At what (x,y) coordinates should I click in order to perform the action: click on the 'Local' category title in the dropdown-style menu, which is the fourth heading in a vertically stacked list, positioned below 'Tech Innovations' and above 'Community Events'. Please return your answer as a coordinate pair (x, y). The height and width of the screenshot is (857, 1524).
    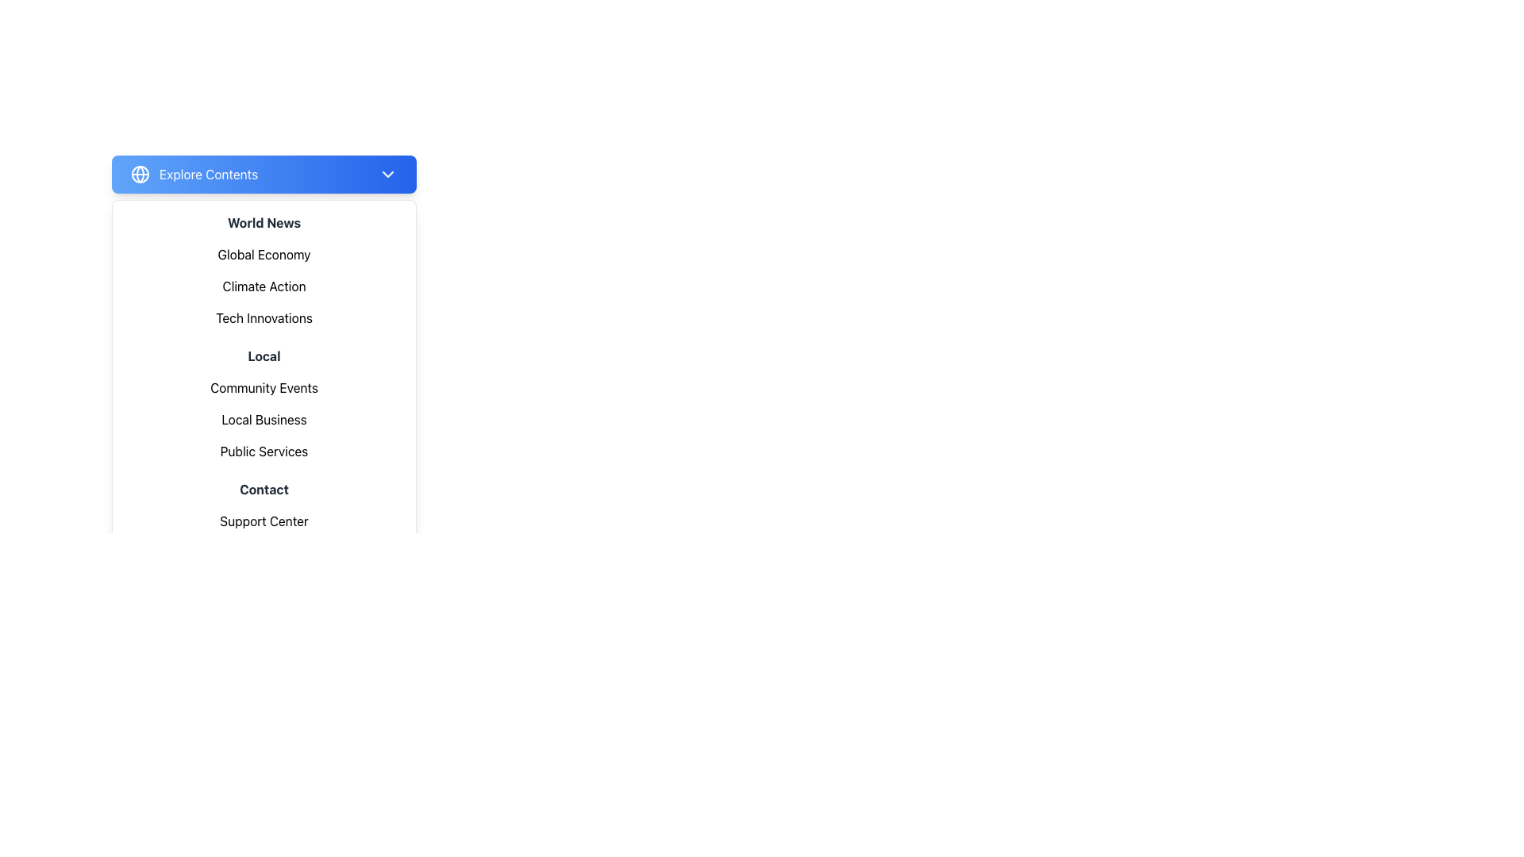
    Looking at the image, I should click on (264, 355).